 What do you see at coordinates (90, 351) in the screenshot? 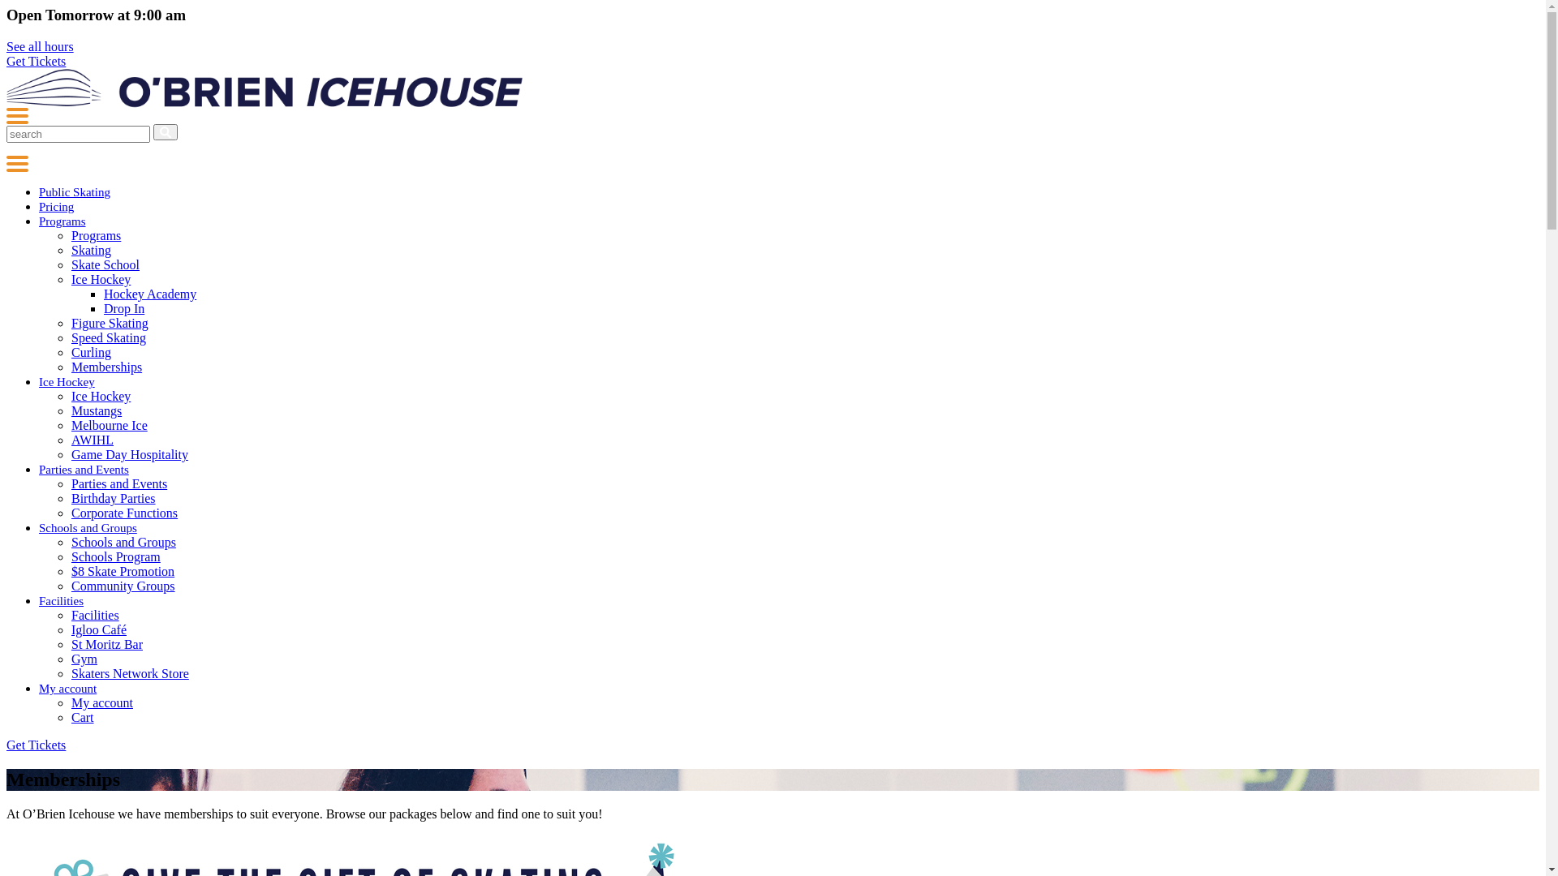
I see `'Curling'` at bounding box center [90, 351].